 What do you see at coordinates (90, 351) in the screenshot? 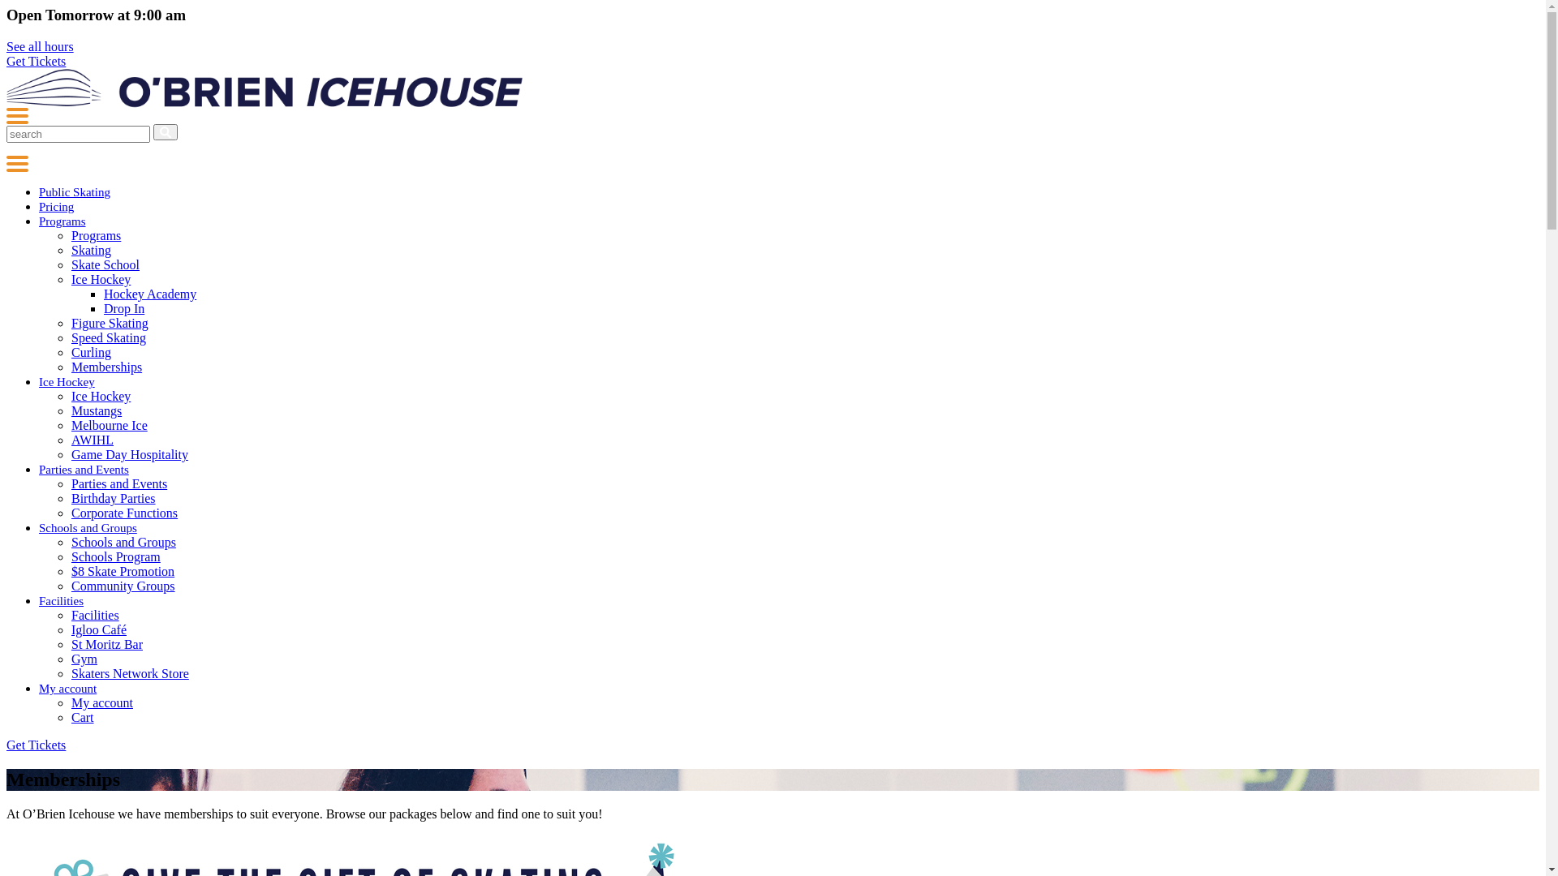
I see `'Curling'` at bounding box center [90, 351].